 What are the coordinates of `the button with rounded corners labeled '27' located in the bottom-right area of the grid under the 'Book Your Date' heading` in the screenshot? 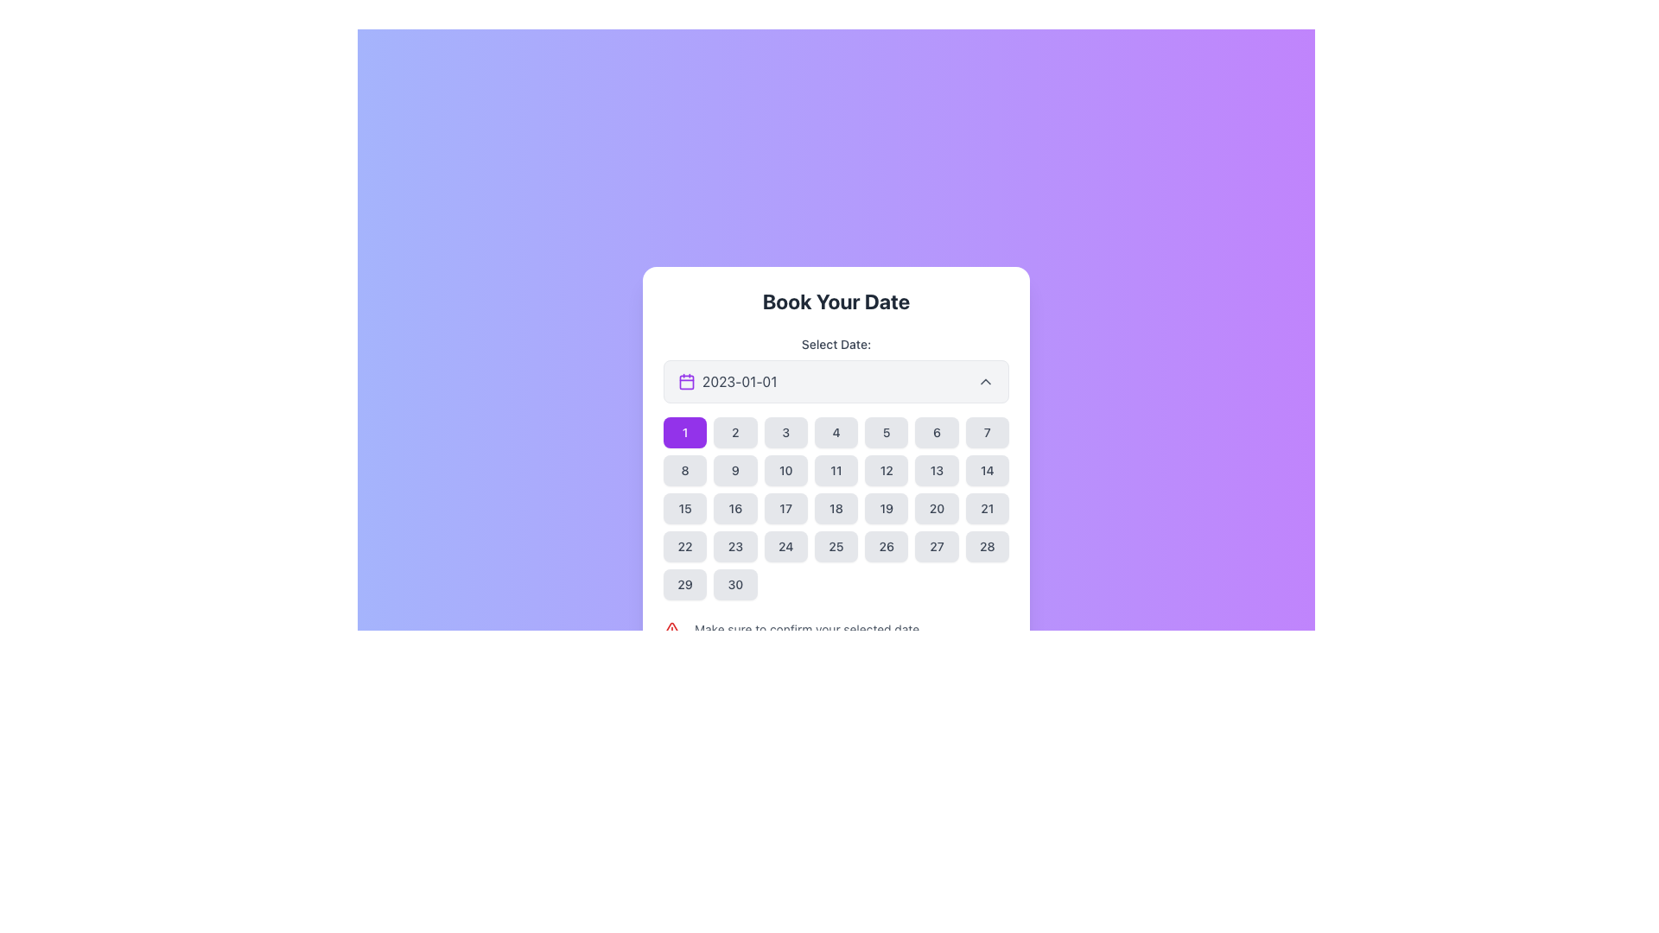 It's located at (936, 546).